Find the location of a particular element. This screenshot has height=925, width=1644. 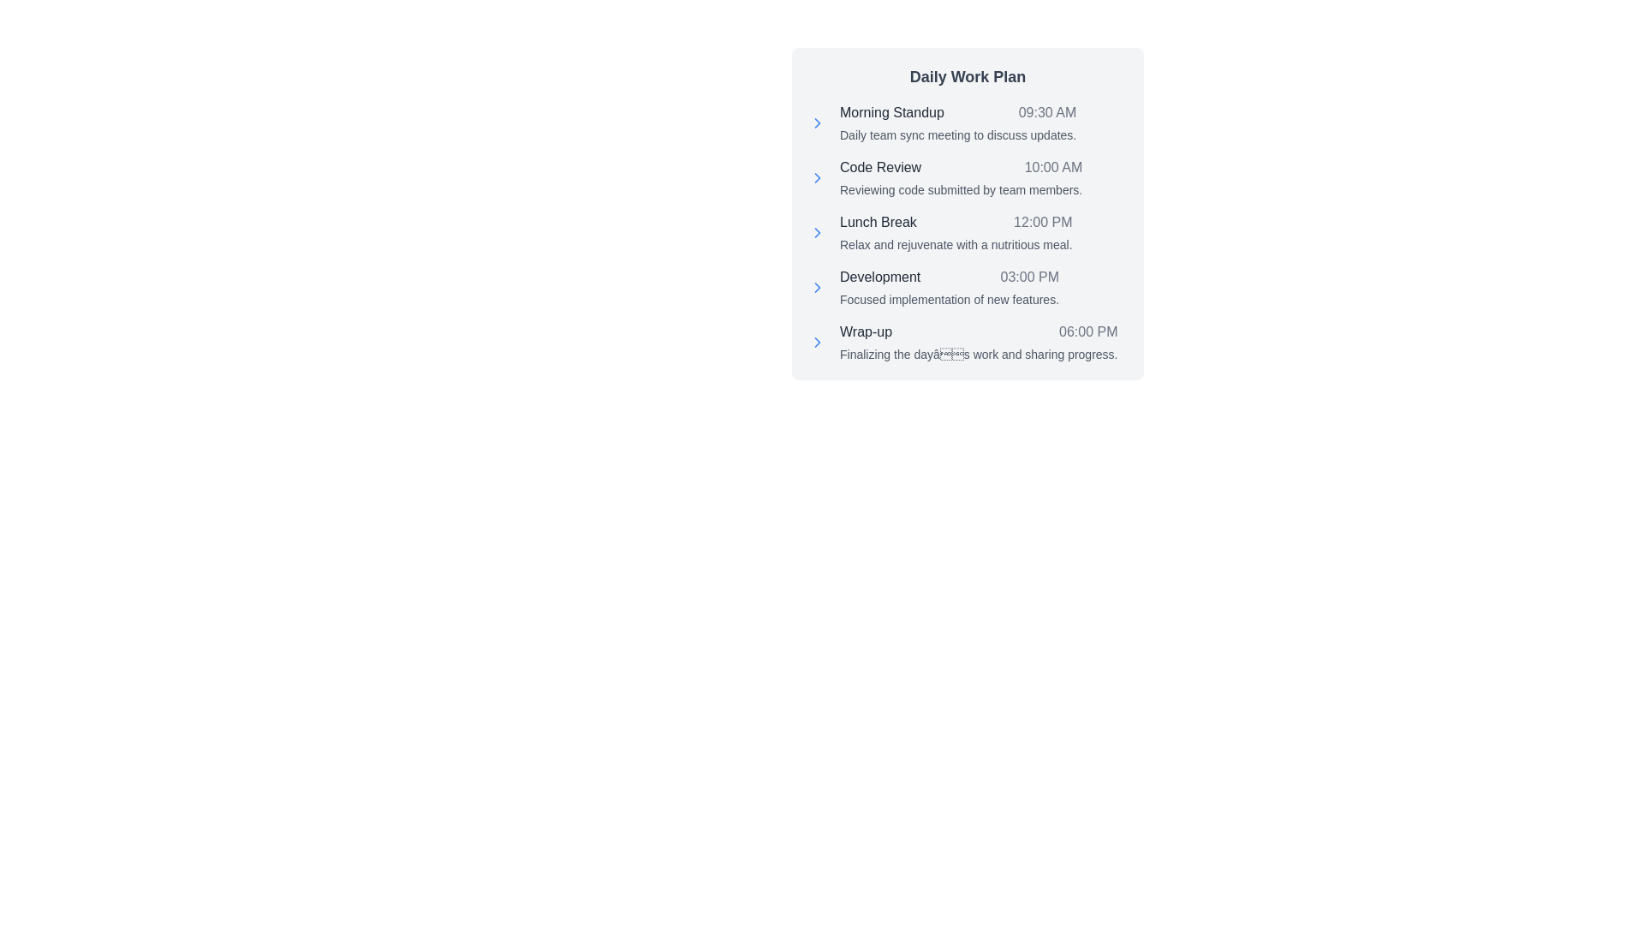

the List item element labeled 'Wrap-up' is located at coordinates (979, 343).